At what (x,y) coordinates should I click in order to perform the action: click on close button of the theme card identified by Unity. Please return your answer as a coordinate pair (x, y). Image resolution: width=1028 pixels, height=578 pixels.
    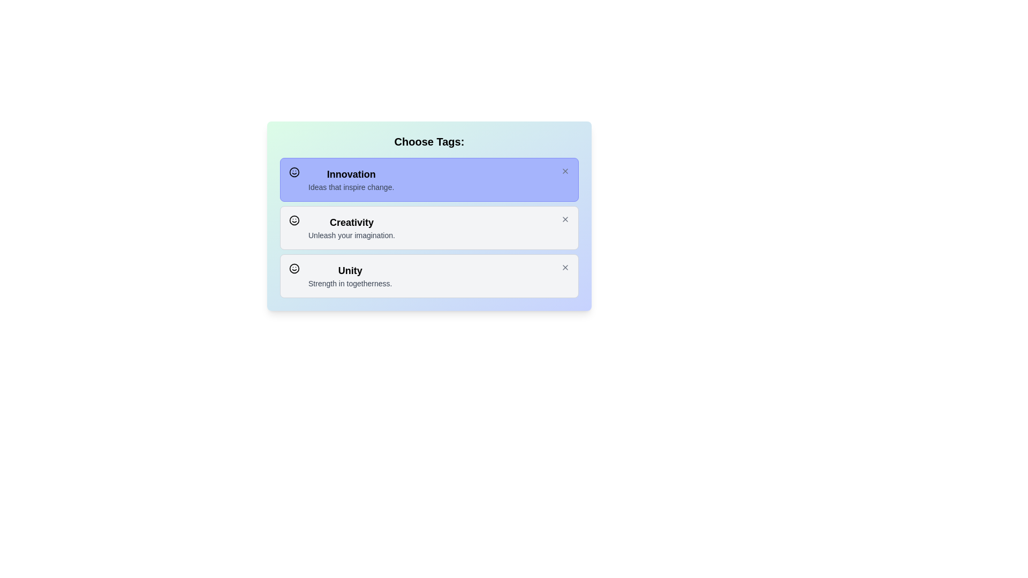
    Looking at the image, I should click on (565, 267).